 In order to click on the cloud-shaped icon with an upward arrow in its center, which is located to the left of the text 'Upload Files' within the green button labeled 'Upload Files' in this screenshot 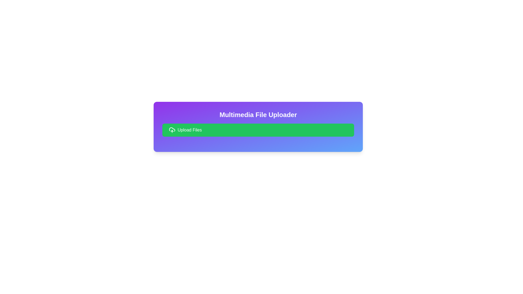, I will do `click(172, 130)`.